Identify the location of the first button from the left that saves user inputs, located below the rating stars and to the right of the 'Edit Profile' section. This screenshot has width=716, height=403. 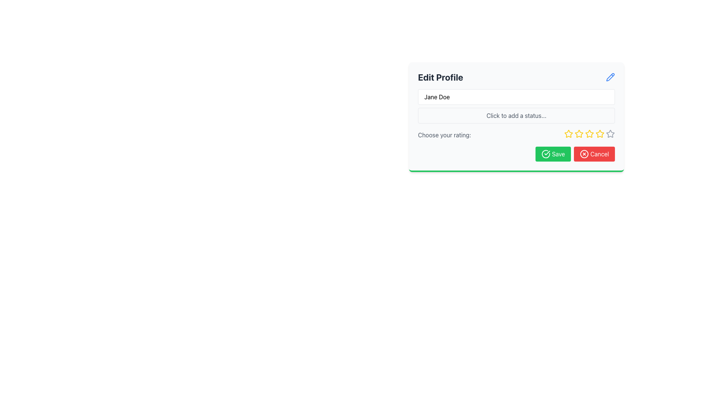
(553, 153).